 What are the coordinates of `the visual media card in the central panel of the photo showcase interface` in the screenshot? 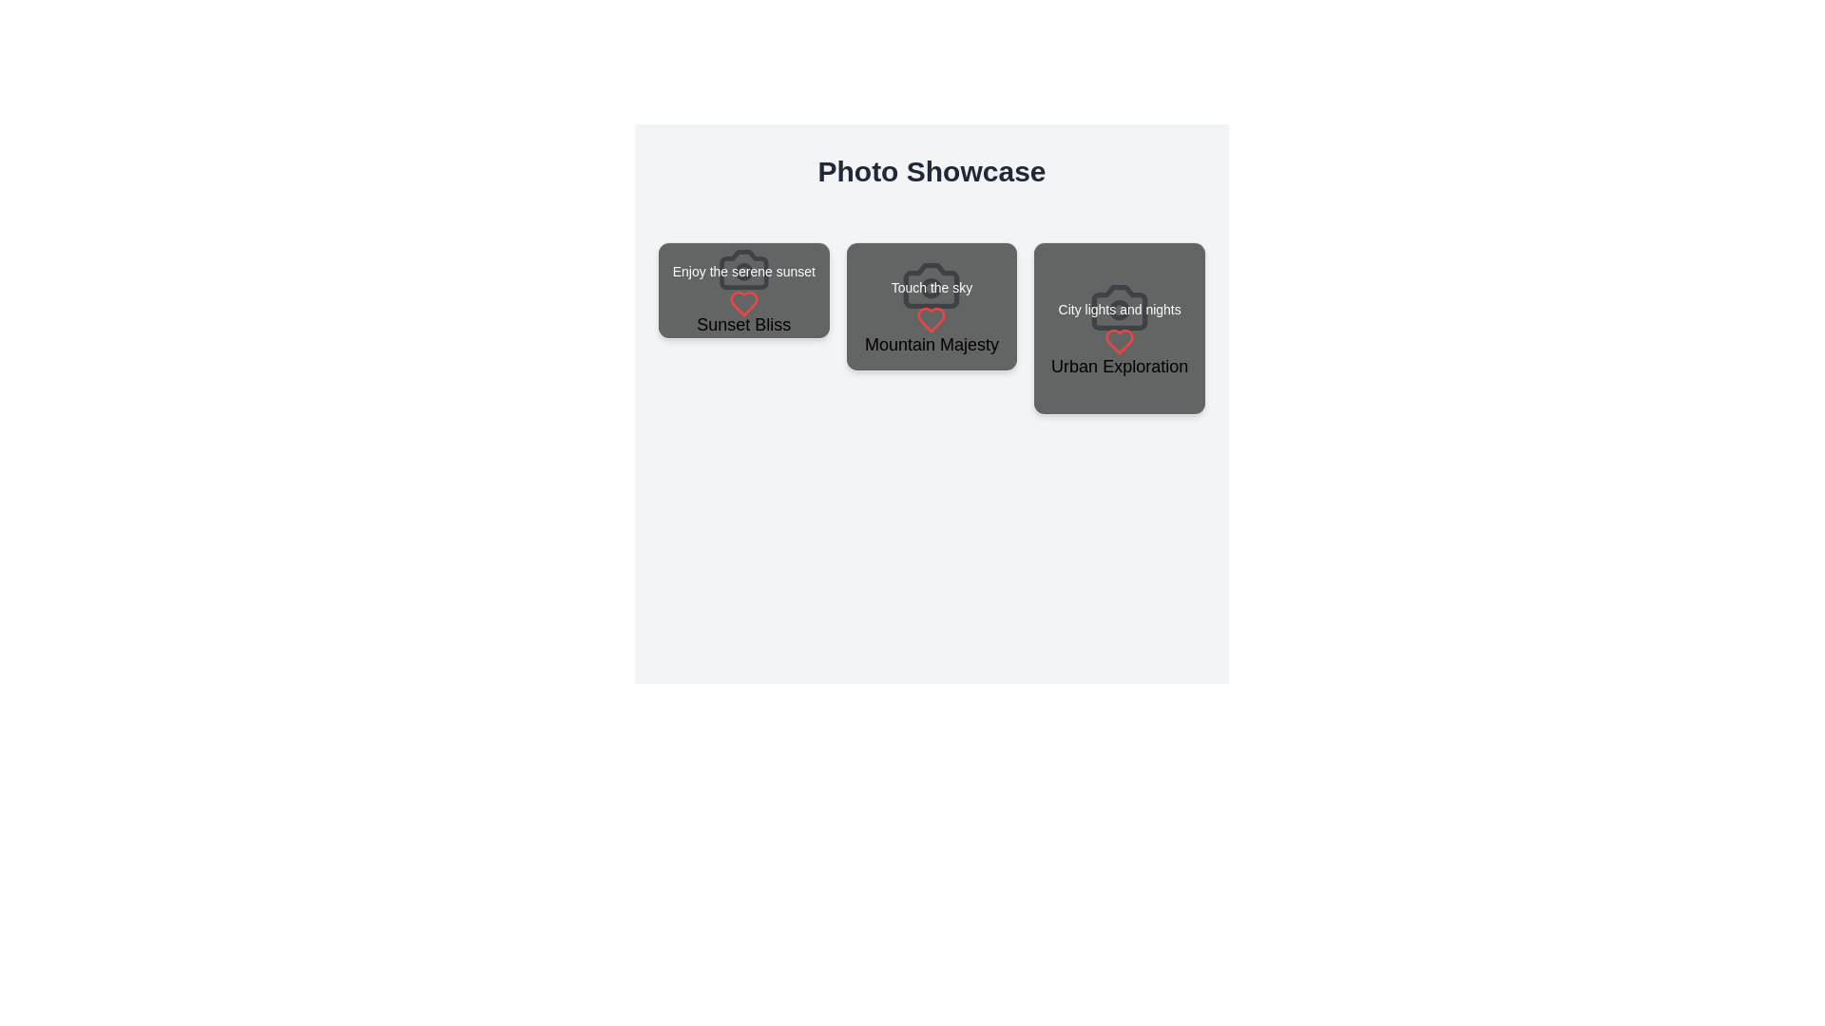 It's located at (932, 306).